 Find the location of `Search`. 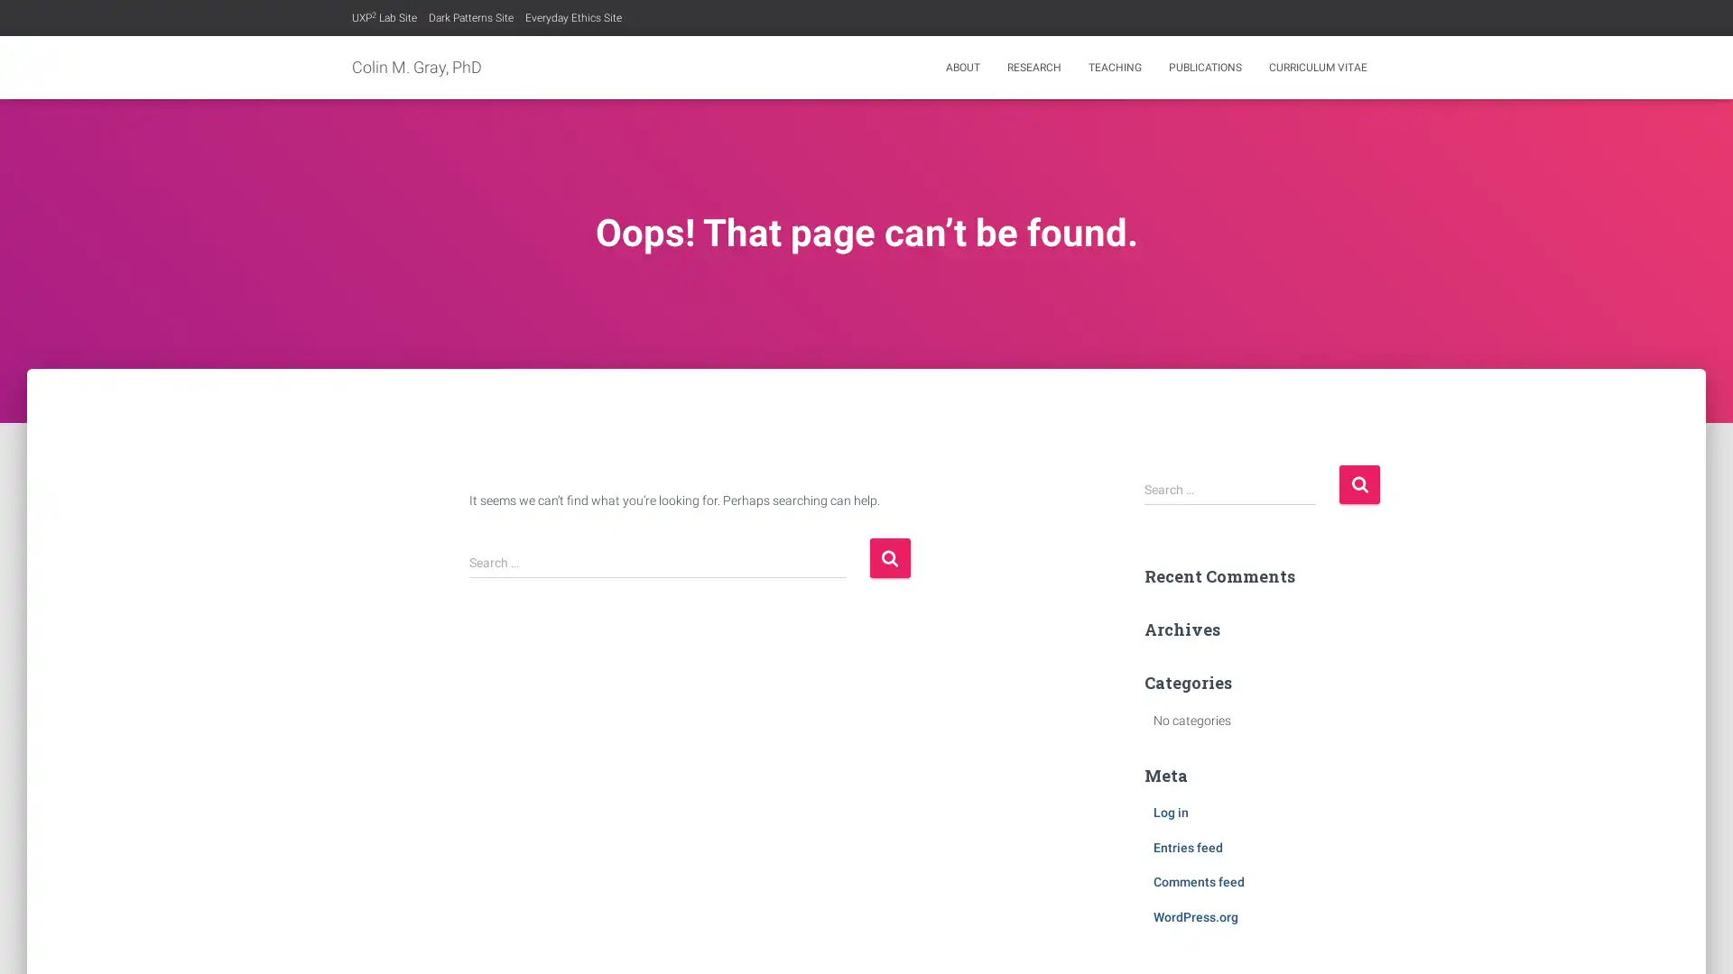

Search is located at coordinates (1359, 482).